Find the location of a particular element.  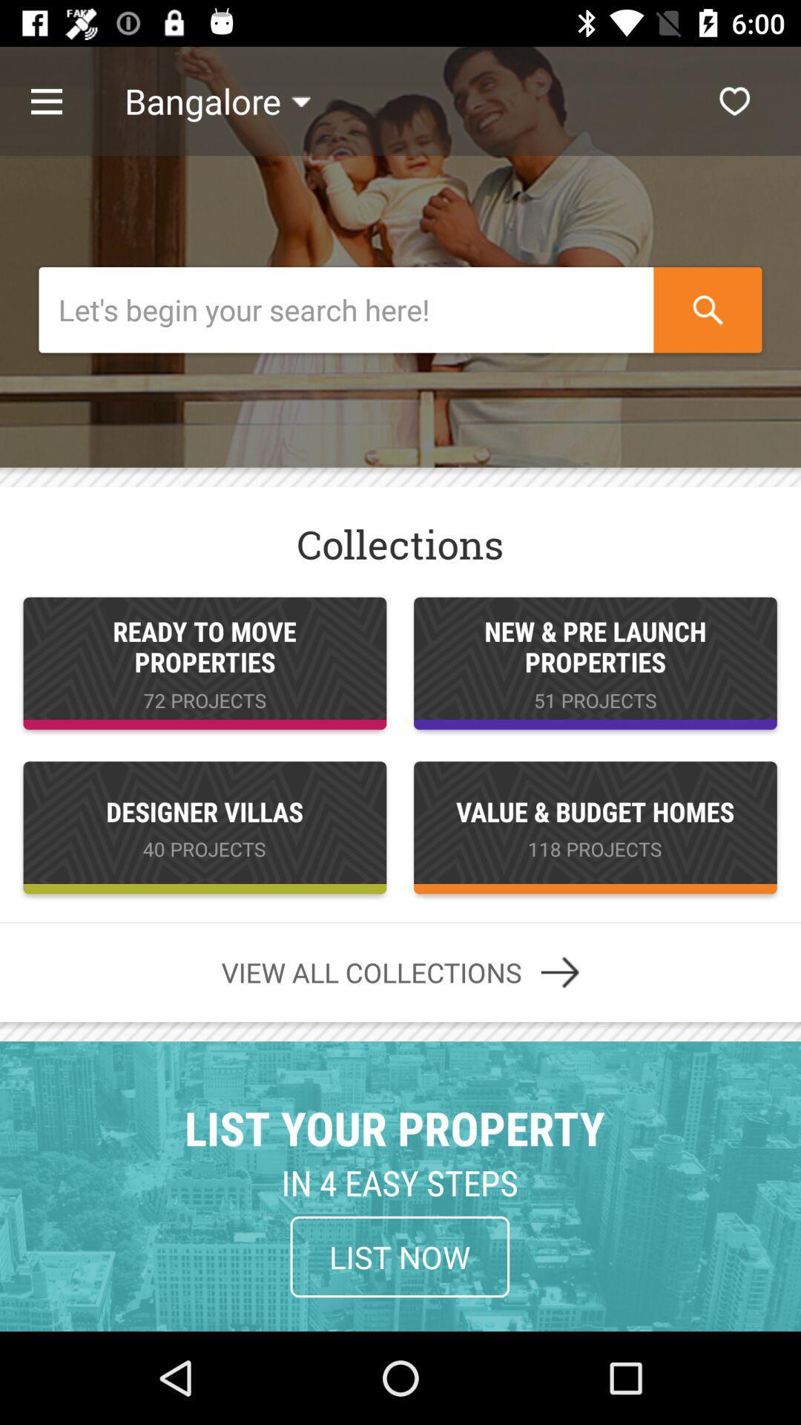

bangalore item is located at coordinates (217, 100).